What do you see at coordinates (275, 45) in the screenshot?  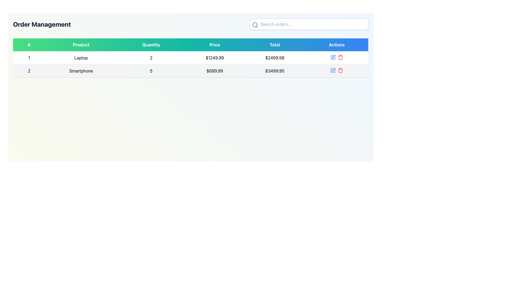 I see `the 'Total' text label, which is a bold sans-serif font centered within a blue rectangular background in the header of a structured data table` at bounding box center [275, 45].